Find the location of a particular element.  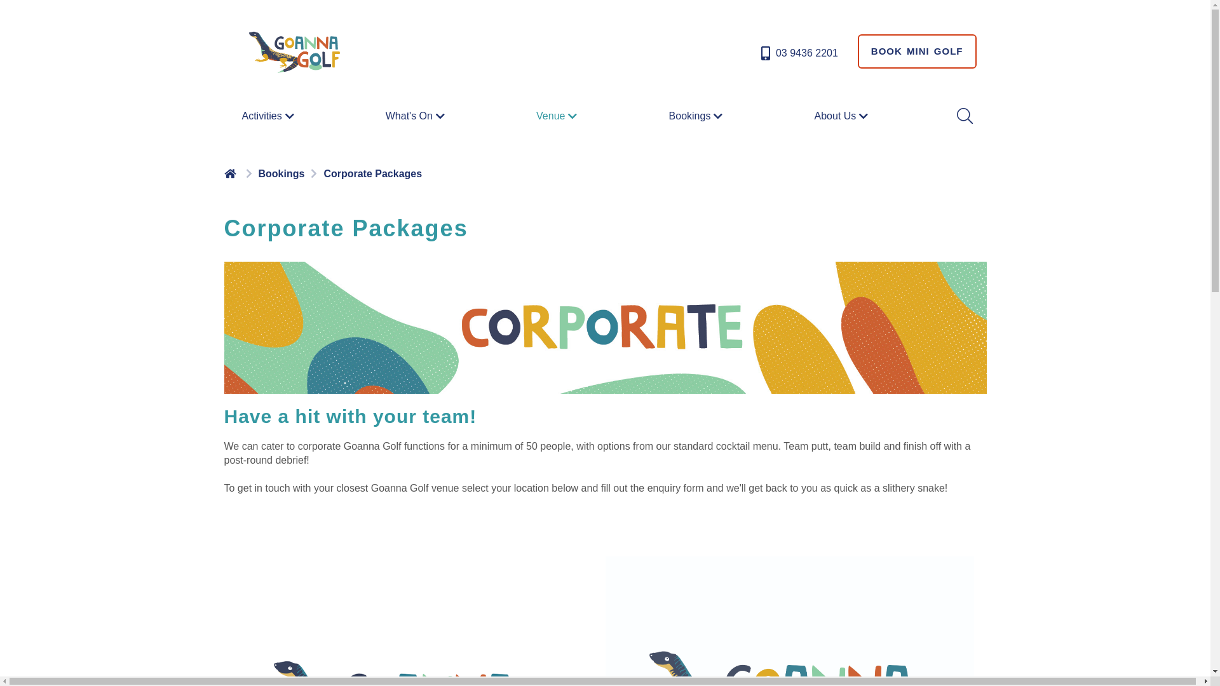

'03 9436 2201' is located at coordinates (797, 53).